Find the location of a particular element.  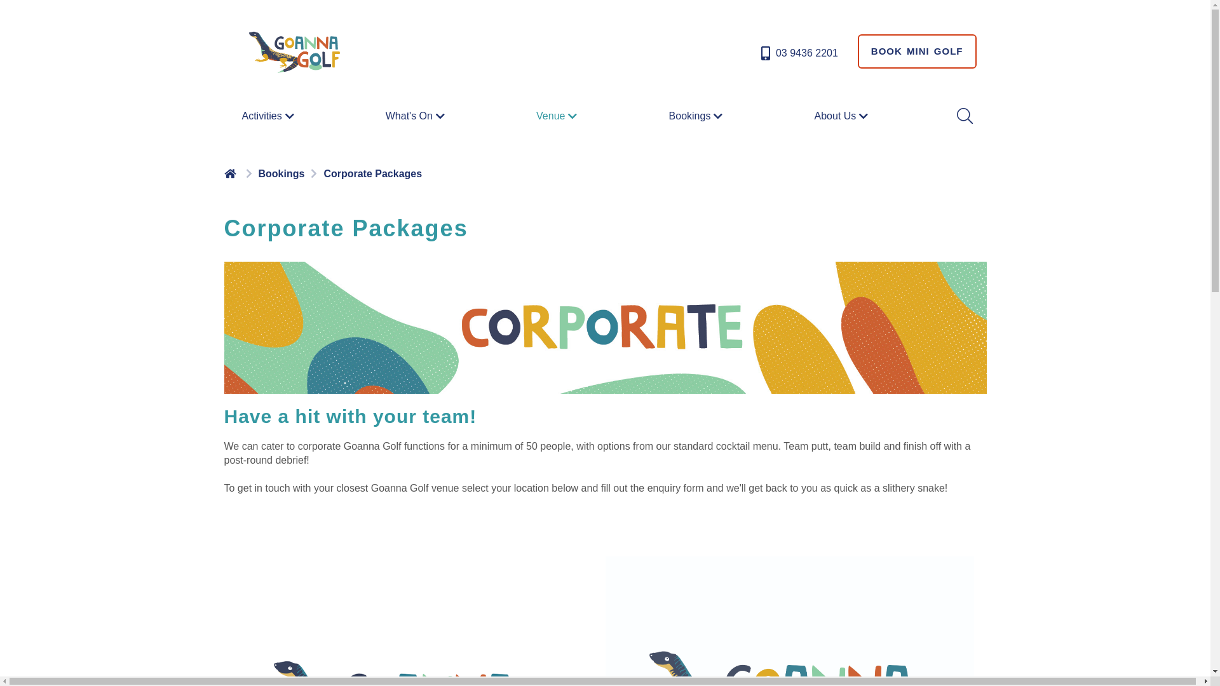

'03 9436 2201' is located at coordinates (797, 53).